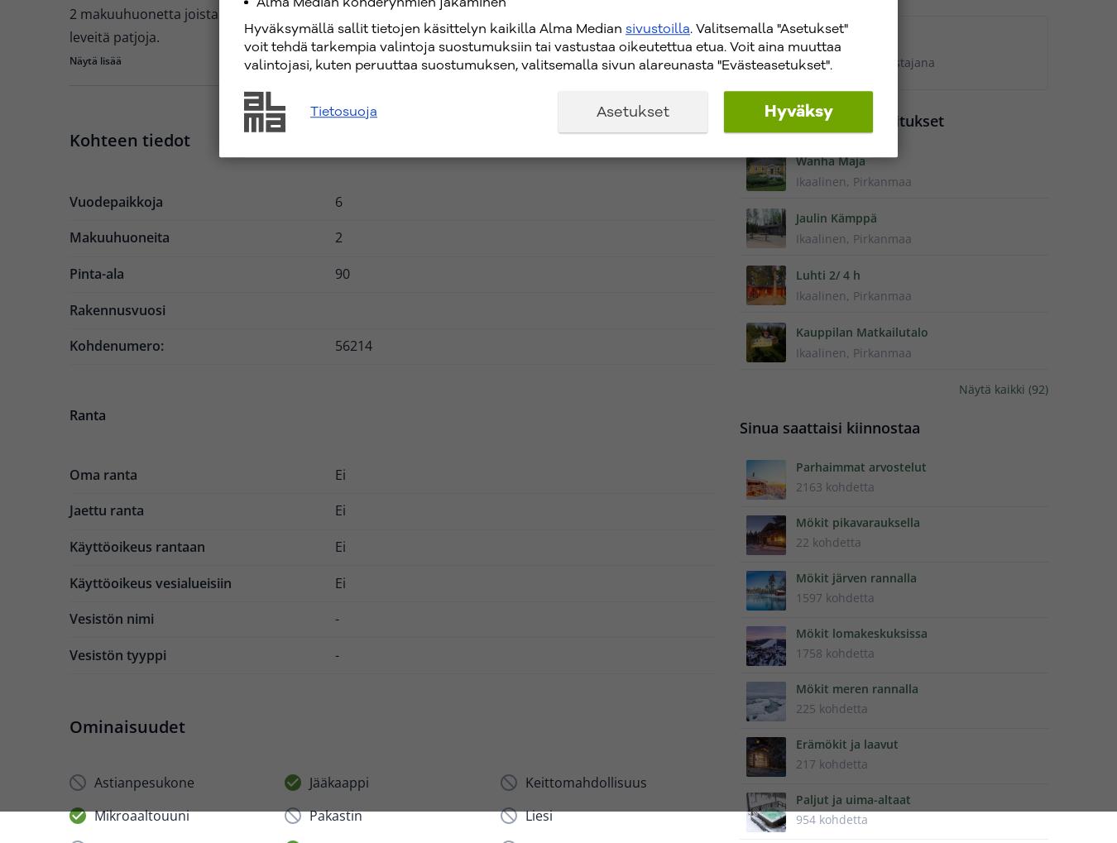 This screenshot has width=1117, height=843. Describe the element at coordinates (383, 325) in the screenshot. I see `'Mökin hanavesi tulee järvestä, joka on  kirkasvetinen ja hyvälaatuinen. Omistaja toimittaa loman aluksi 20 litran juomavesikanisterin.'` at that location.